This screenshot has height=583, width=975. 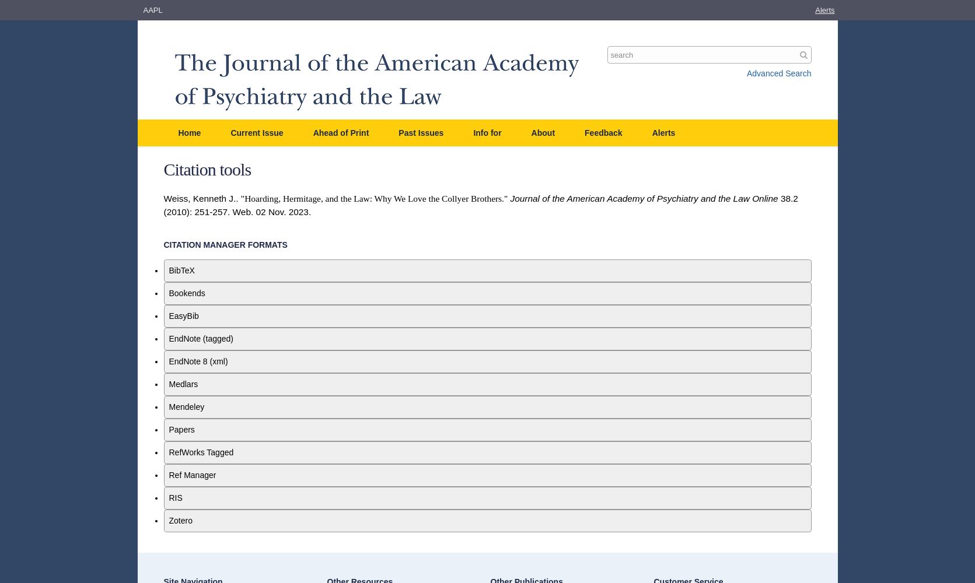 What do you see at coordinates (795, 197) in the screenshot?
I see `'2'` at bounding box center [795, 197].